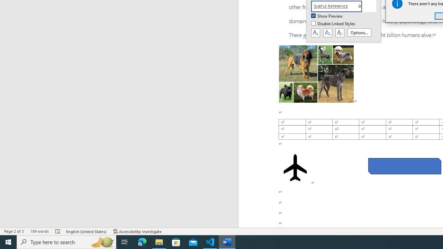 This screenshot has width=443, height=249. I want to click on 'Morphological variation in six dogs', so click(316, 74).